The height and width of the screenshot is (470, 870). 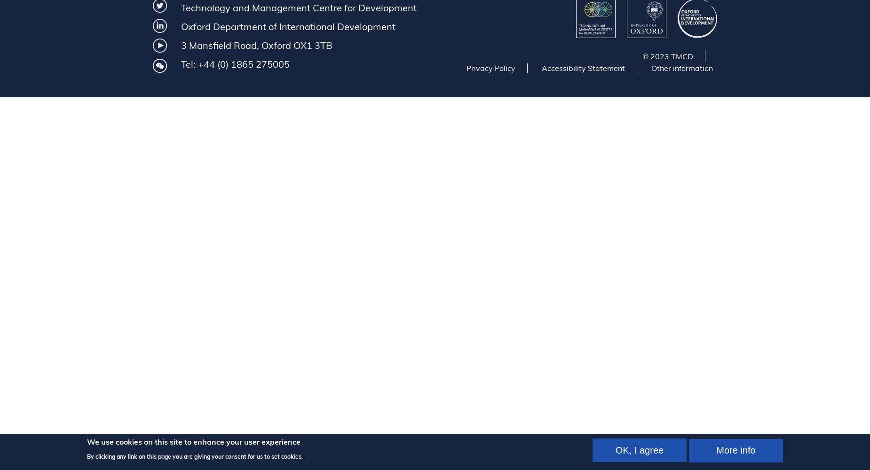 What do you see at coordinates (668, 56) in the screenshot?
I see `'© 2023 TMCD'` at bounding box center [668, 56].